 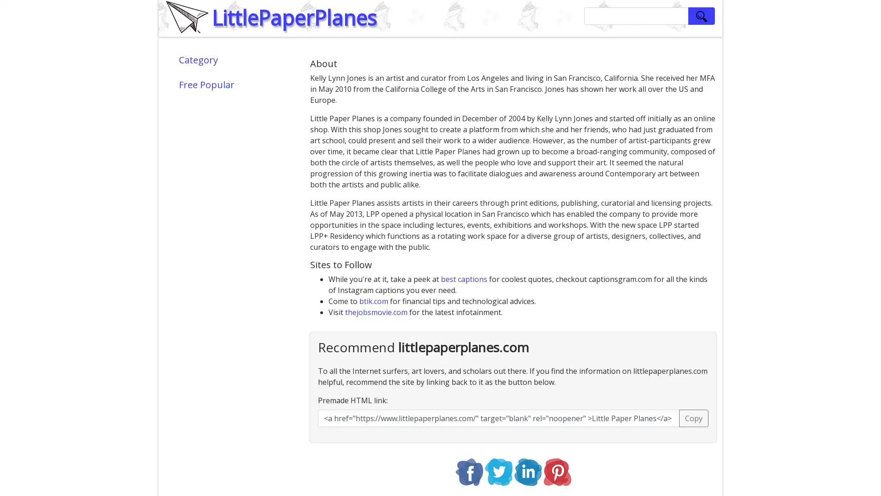 What do you see at coordinates (694, 418) in the screenshot?
I see `Copy` at bounding box center [694, 418].